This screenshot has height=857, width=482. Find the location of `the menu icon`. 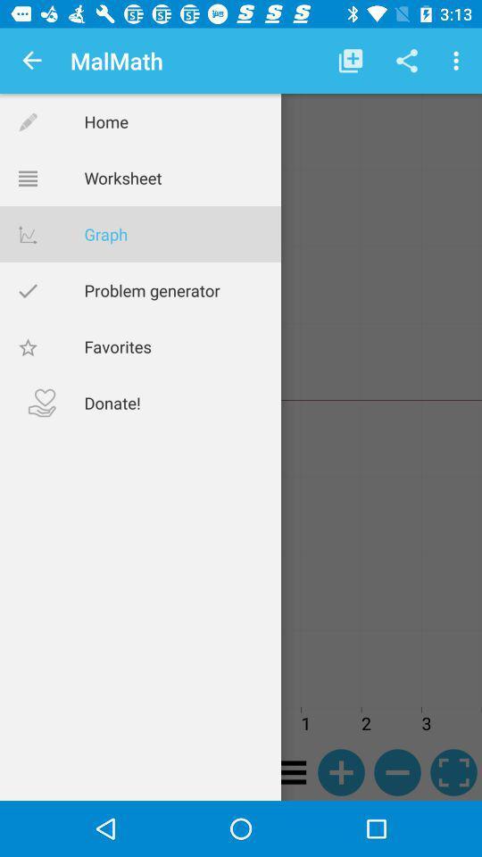

the menu icon is located at coordinates (285, 771).